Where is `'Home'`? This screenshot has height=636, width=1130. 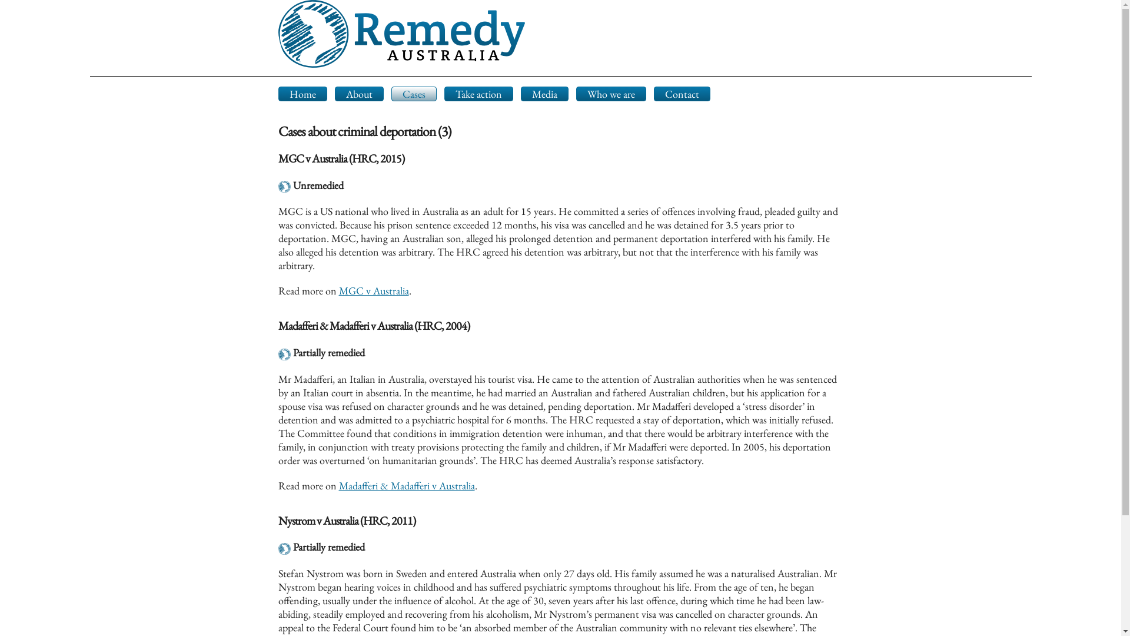 'Home' is located at coordinates (303, 93).